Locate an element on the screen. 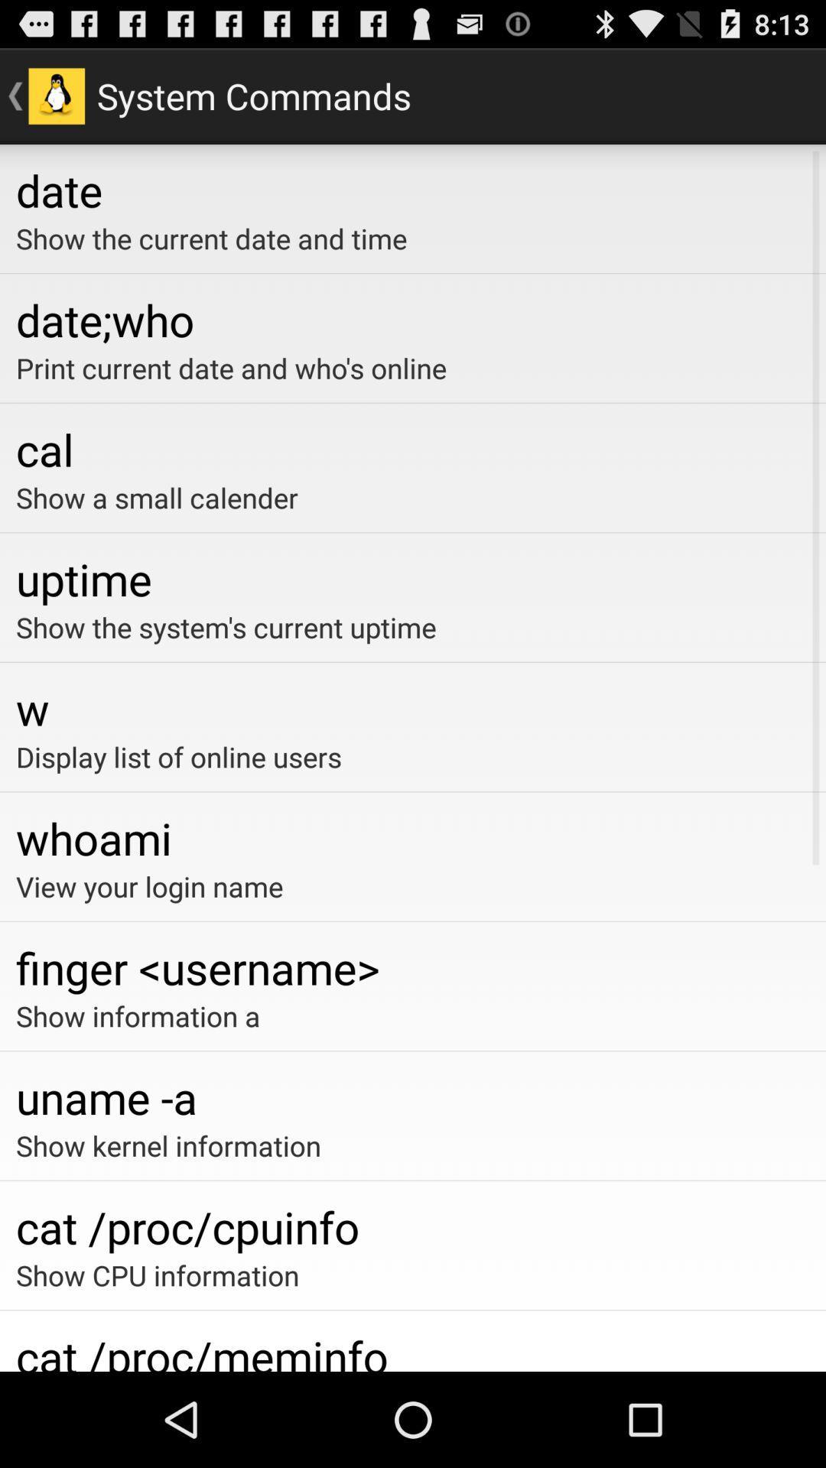 The image size is (826, 1468). whoami icon is located at coordinates (413, 837).